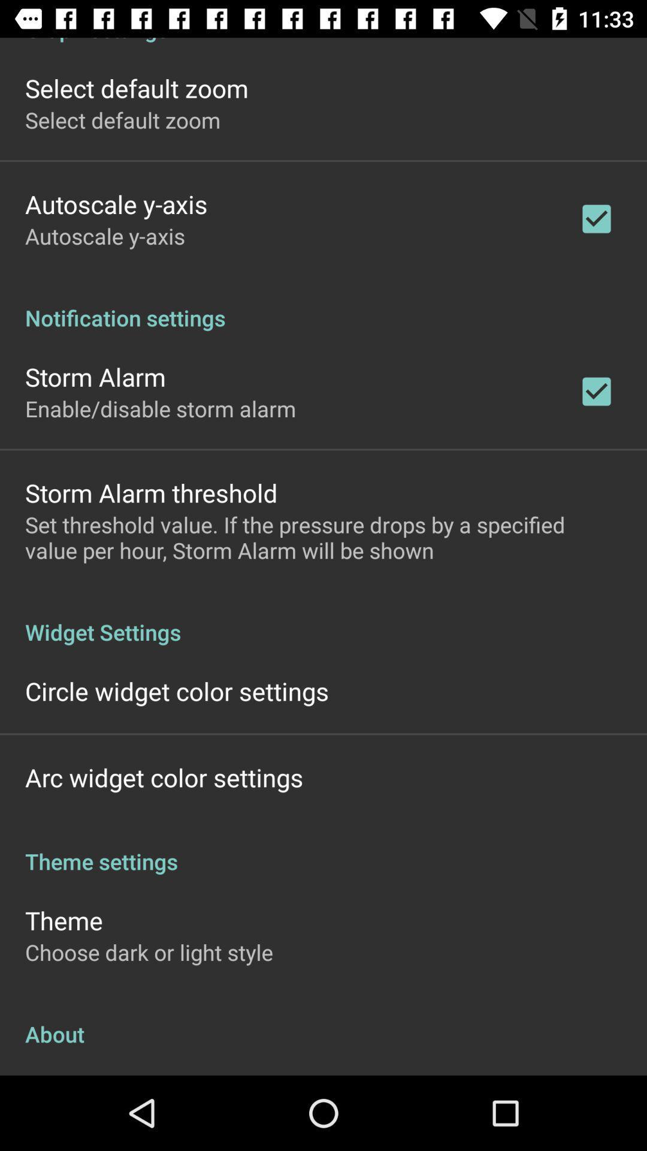 This screenshot has height=1151, width=647. I want to click on icon below the storm alarm icon, so click(160, 408).